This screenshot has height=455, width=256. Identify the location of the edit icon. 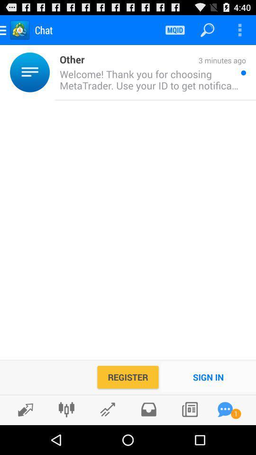
(23, 438).